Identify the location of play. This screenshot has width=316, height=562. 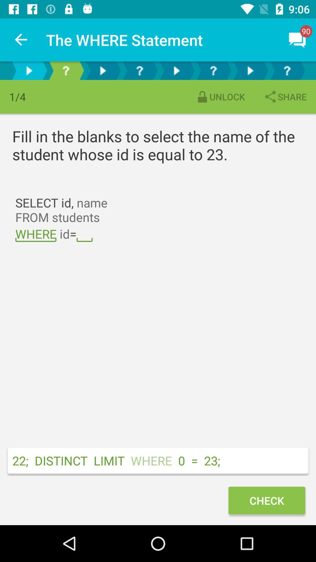
(176, 70).